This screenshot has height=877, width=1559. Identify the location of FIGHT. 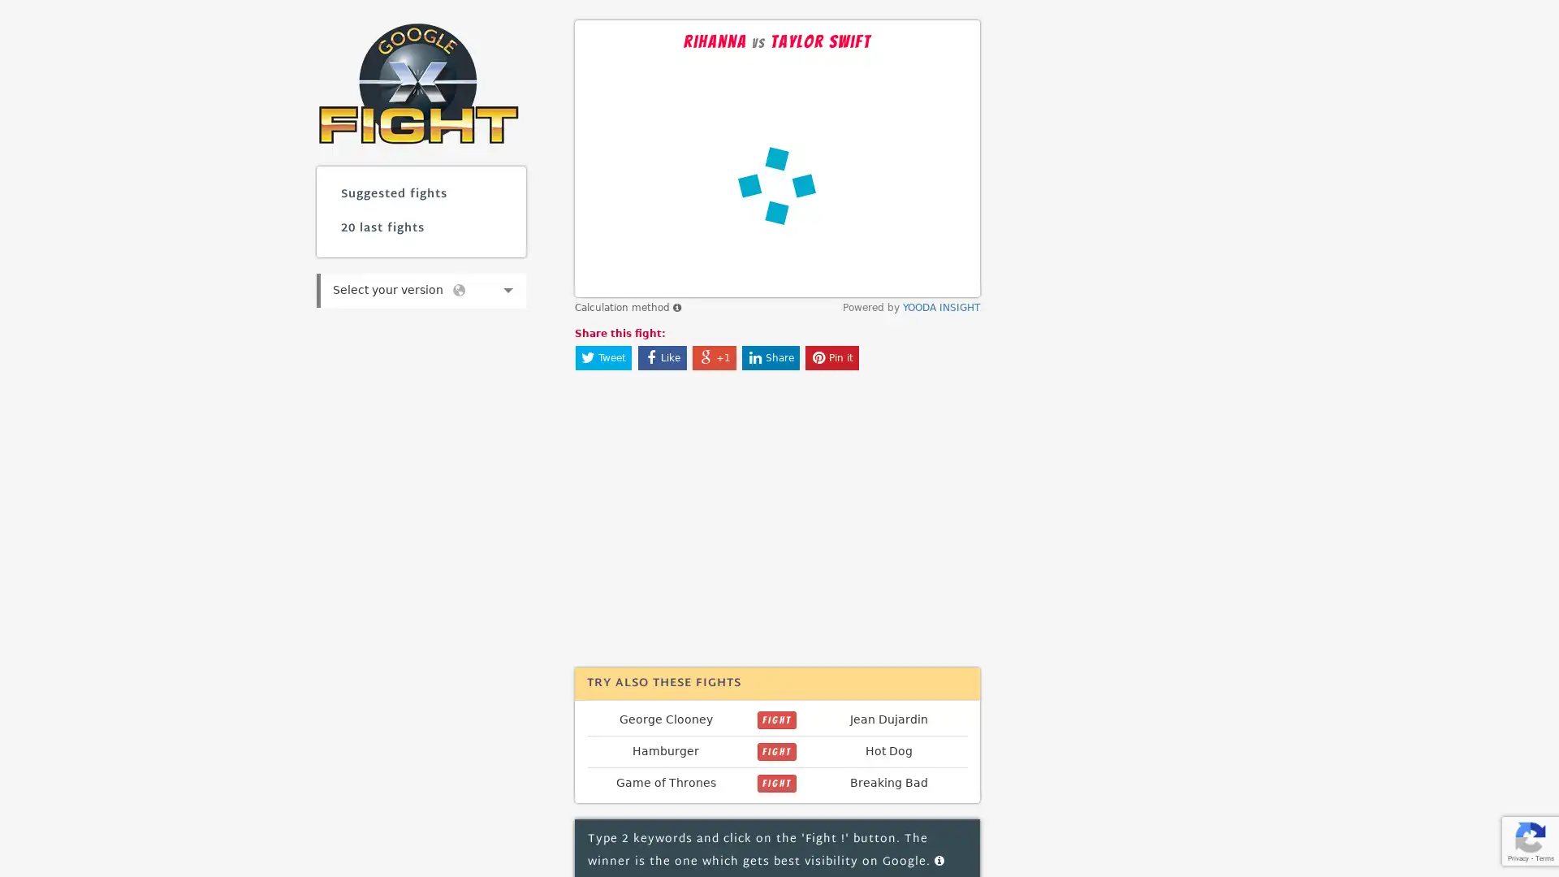
(775, 782).